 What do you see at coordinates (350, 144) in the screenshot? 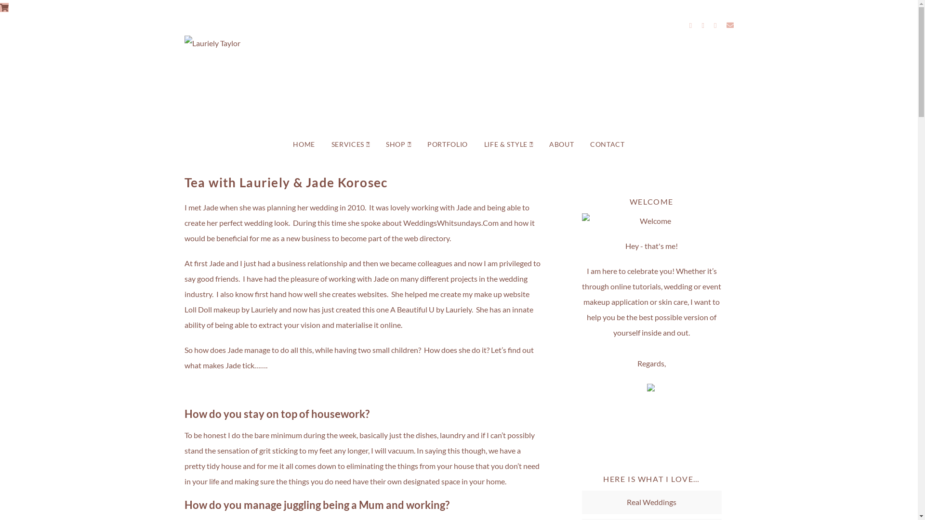
I see `'SERVICES'` at bounding box center [350, 144].